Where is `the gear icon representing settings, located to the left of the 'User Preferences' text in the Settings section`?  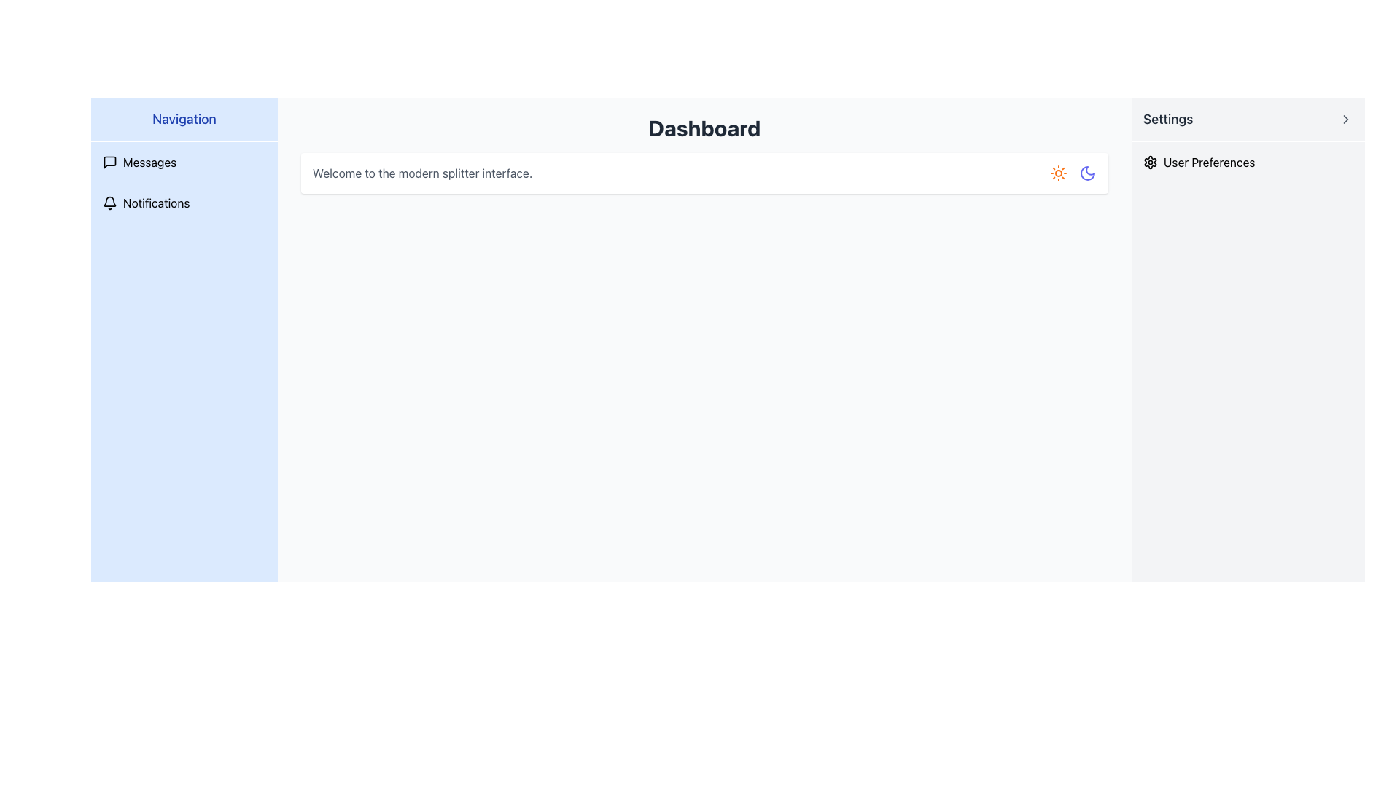
the gear icon representing settings, located to the left of the 'User Preferences' text in the Settings section is located at coordinates (1150, 163).